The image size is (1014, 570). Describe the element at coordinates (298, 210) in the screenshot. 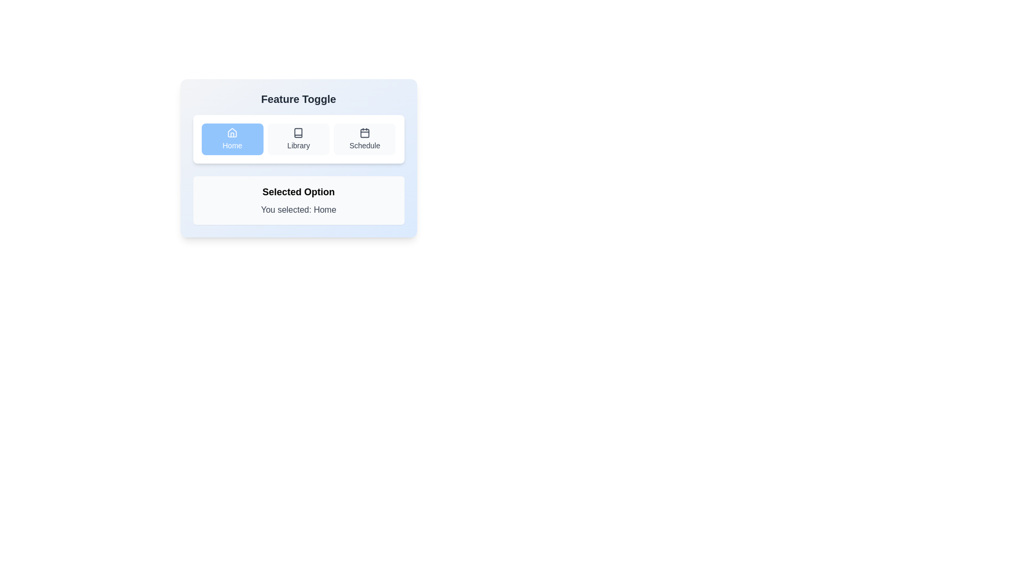

I see `static text that indicates the user's current selection, which displays 'You selected: Home.' located beneath the label 'Selected Option'` at that location.